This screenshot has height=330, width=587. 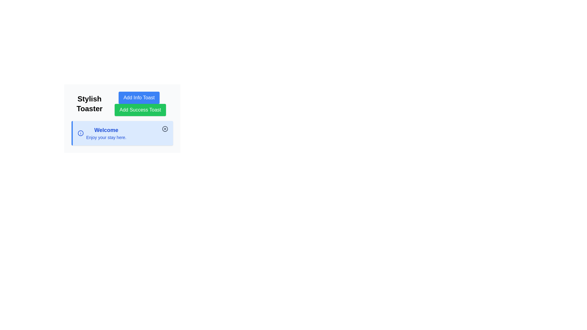 What do you see at coordinates (140, 109) in the screenshot?
I see `the green rectangular button labeled 'Add Success Toast' to change its color` at bounding box center [140, 109].